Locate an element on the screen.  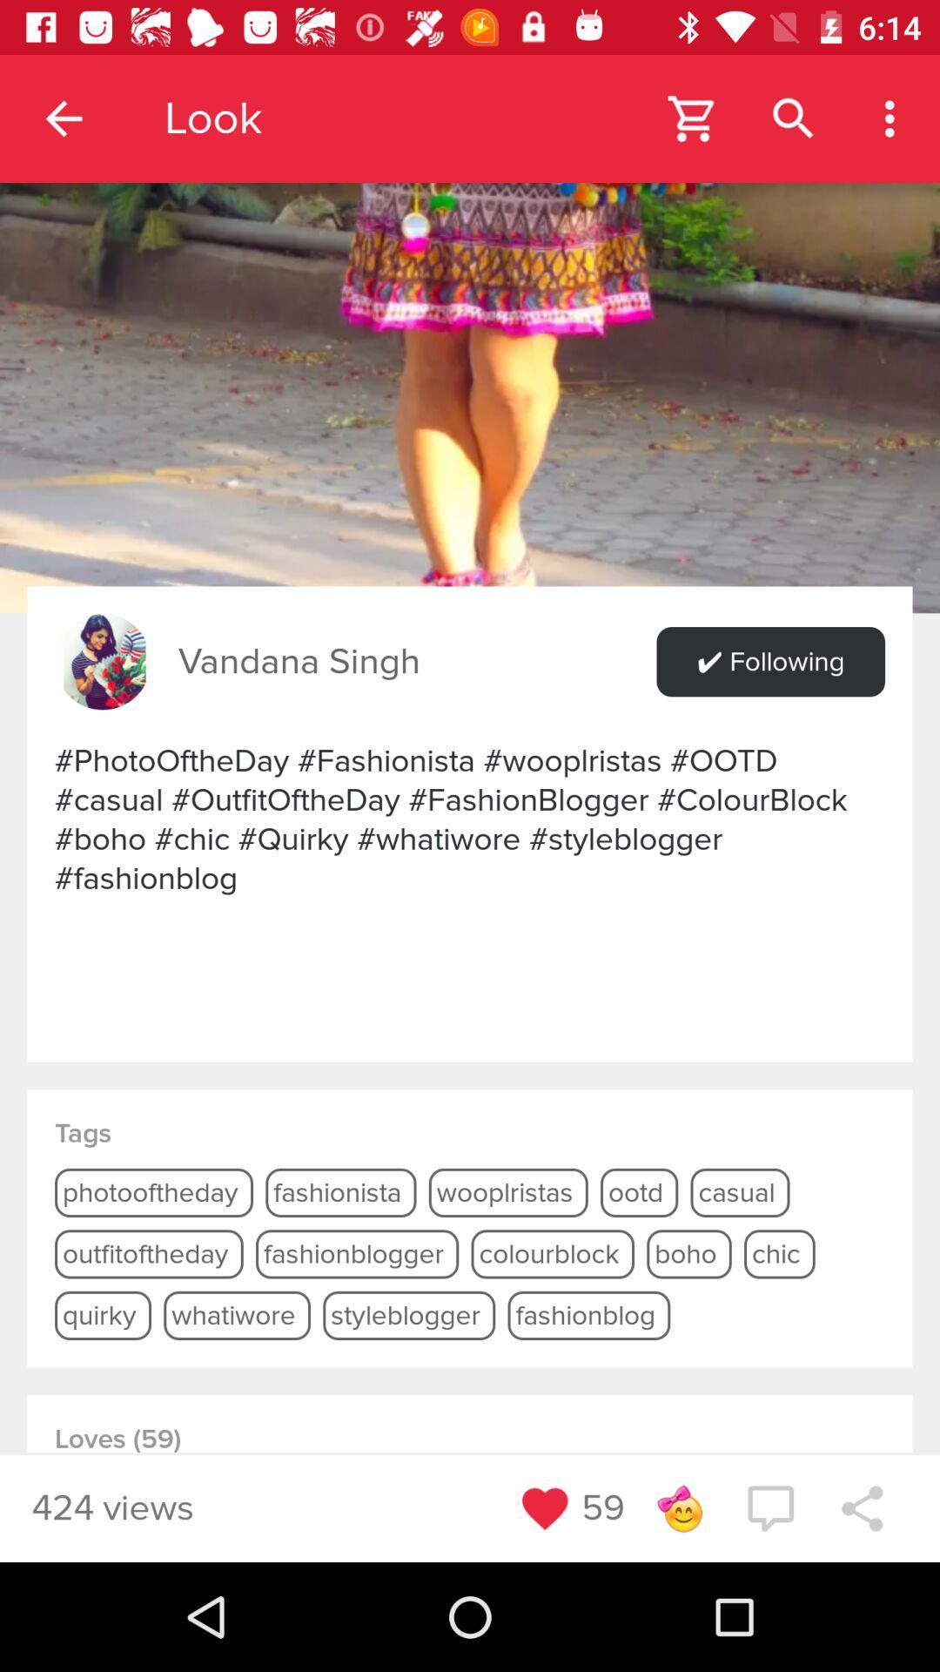
the chat icon is located at coordinates (769, 1507).